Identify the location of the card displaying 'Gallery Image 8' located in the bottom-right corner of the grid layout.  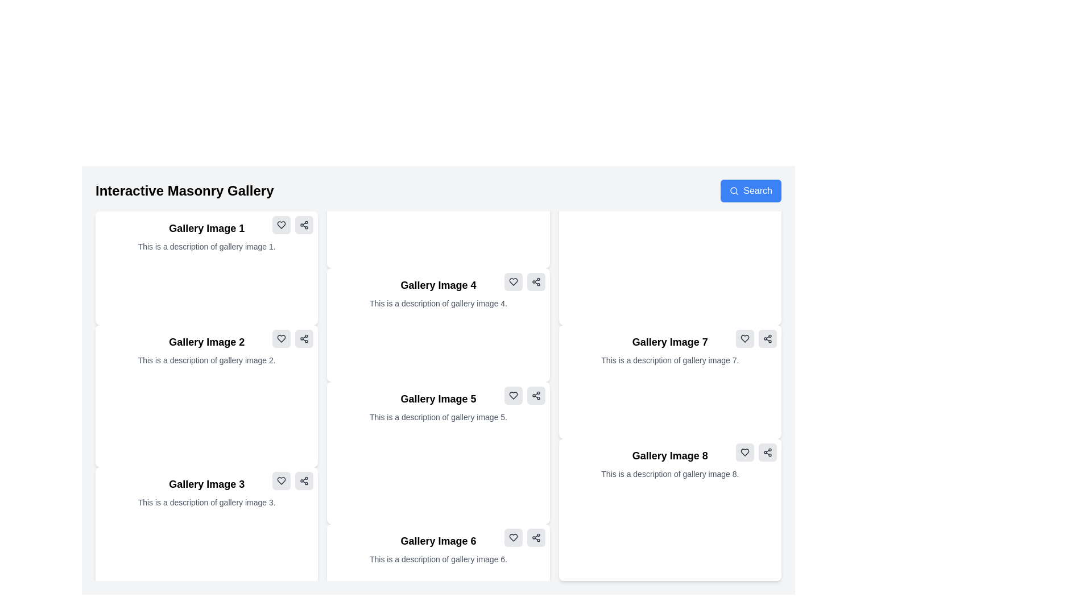
(670, 509).